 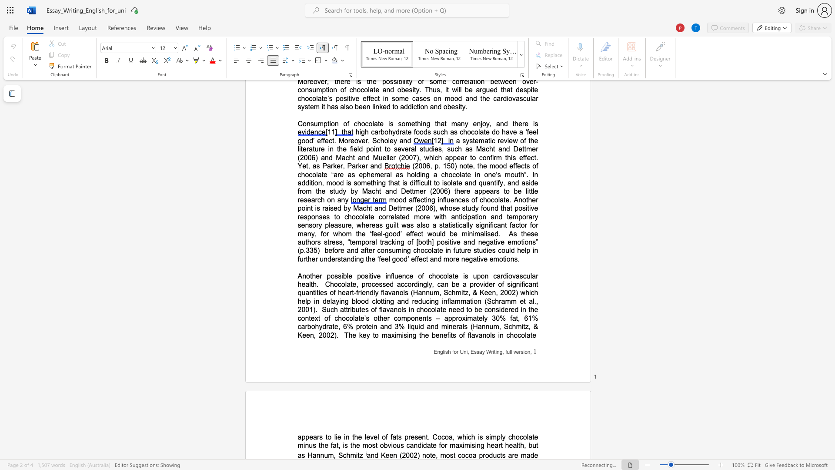 I want to click on the space between the continuous character "i" and "d" in the text, so click(x=424, y=445).